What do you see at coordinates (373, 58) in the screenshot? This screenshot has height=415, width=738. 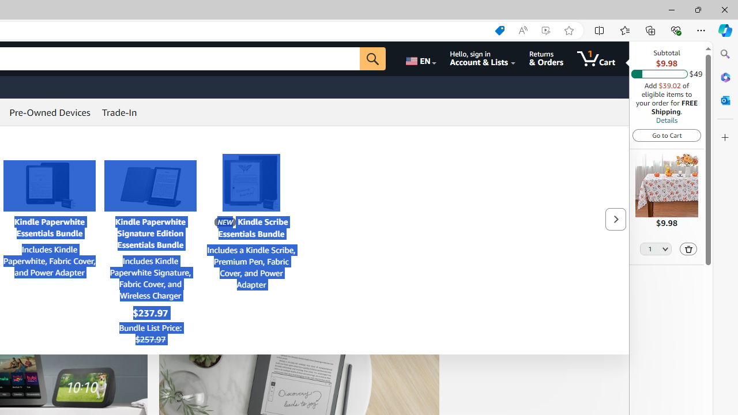 I see `'Go'` at bounding box center [373, 58].